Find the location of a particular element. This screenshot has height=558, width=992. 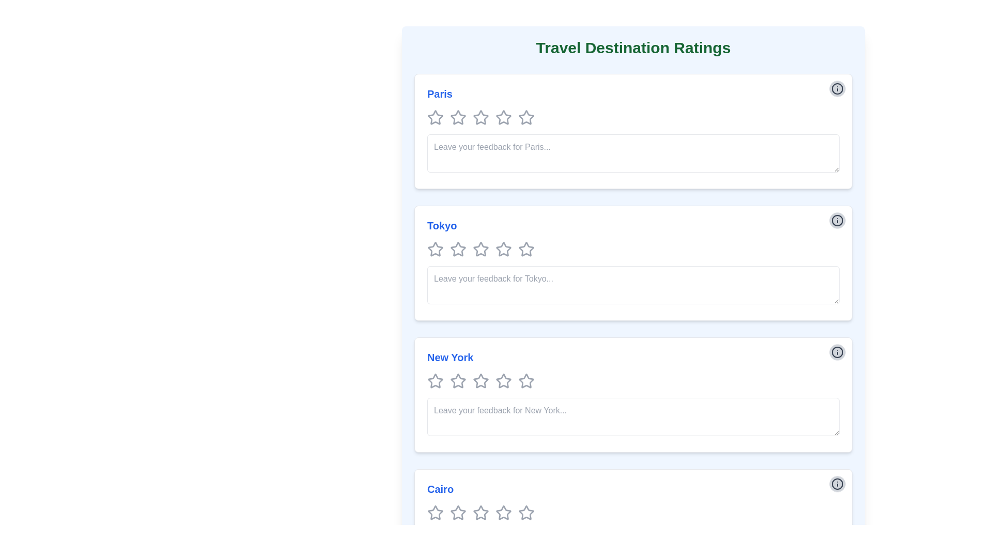

the first star rating icon for 'New York' is located at coordinates (436, 381).